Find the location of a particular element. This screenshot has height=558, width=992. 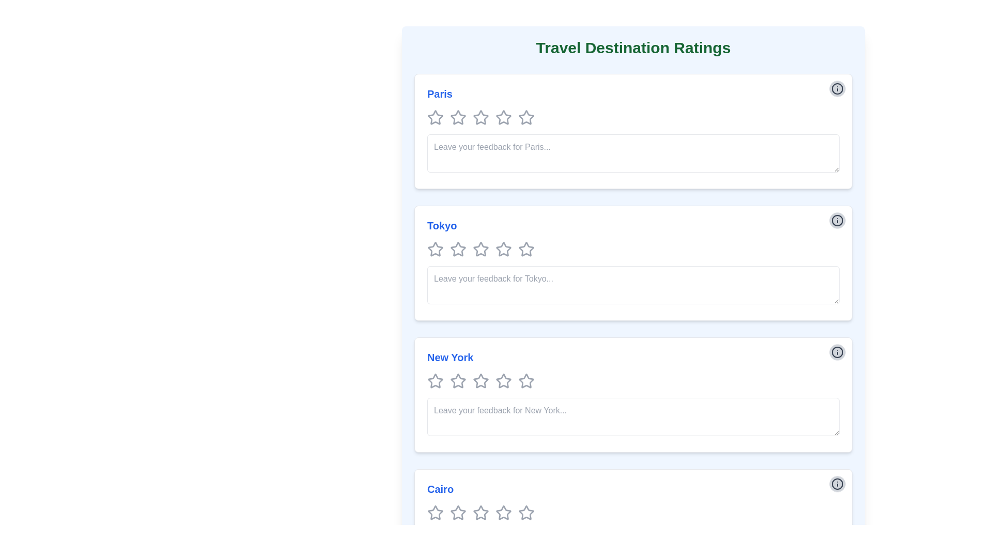

the first star rating icon for 'New York' is located at coordinates (436, 381).